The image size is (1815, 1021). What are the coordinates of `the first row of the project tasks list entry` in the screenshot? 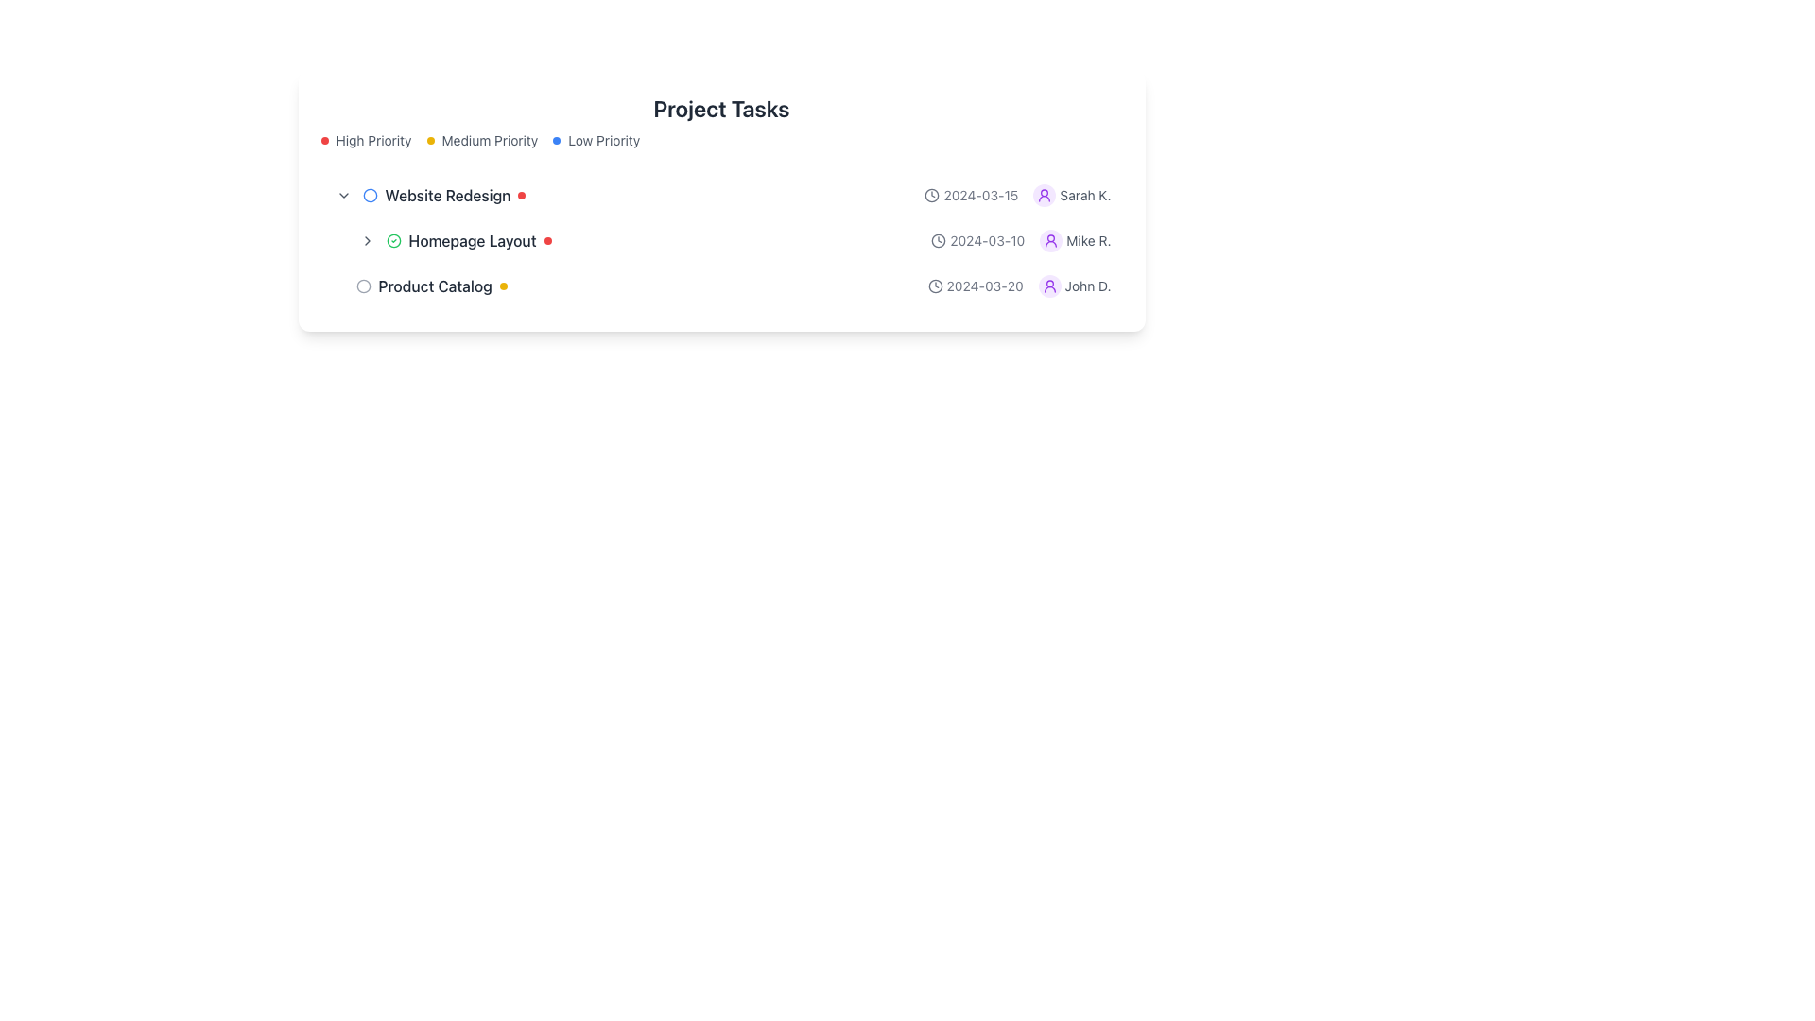 It's located at (720, 196).